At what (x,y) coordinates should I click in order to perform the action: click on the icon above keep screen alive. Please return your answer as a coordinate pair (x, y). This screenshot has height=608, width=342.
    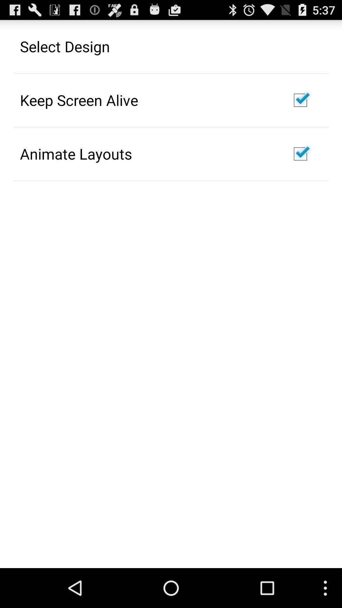
    Looking at the image, I should click on (65, 46).